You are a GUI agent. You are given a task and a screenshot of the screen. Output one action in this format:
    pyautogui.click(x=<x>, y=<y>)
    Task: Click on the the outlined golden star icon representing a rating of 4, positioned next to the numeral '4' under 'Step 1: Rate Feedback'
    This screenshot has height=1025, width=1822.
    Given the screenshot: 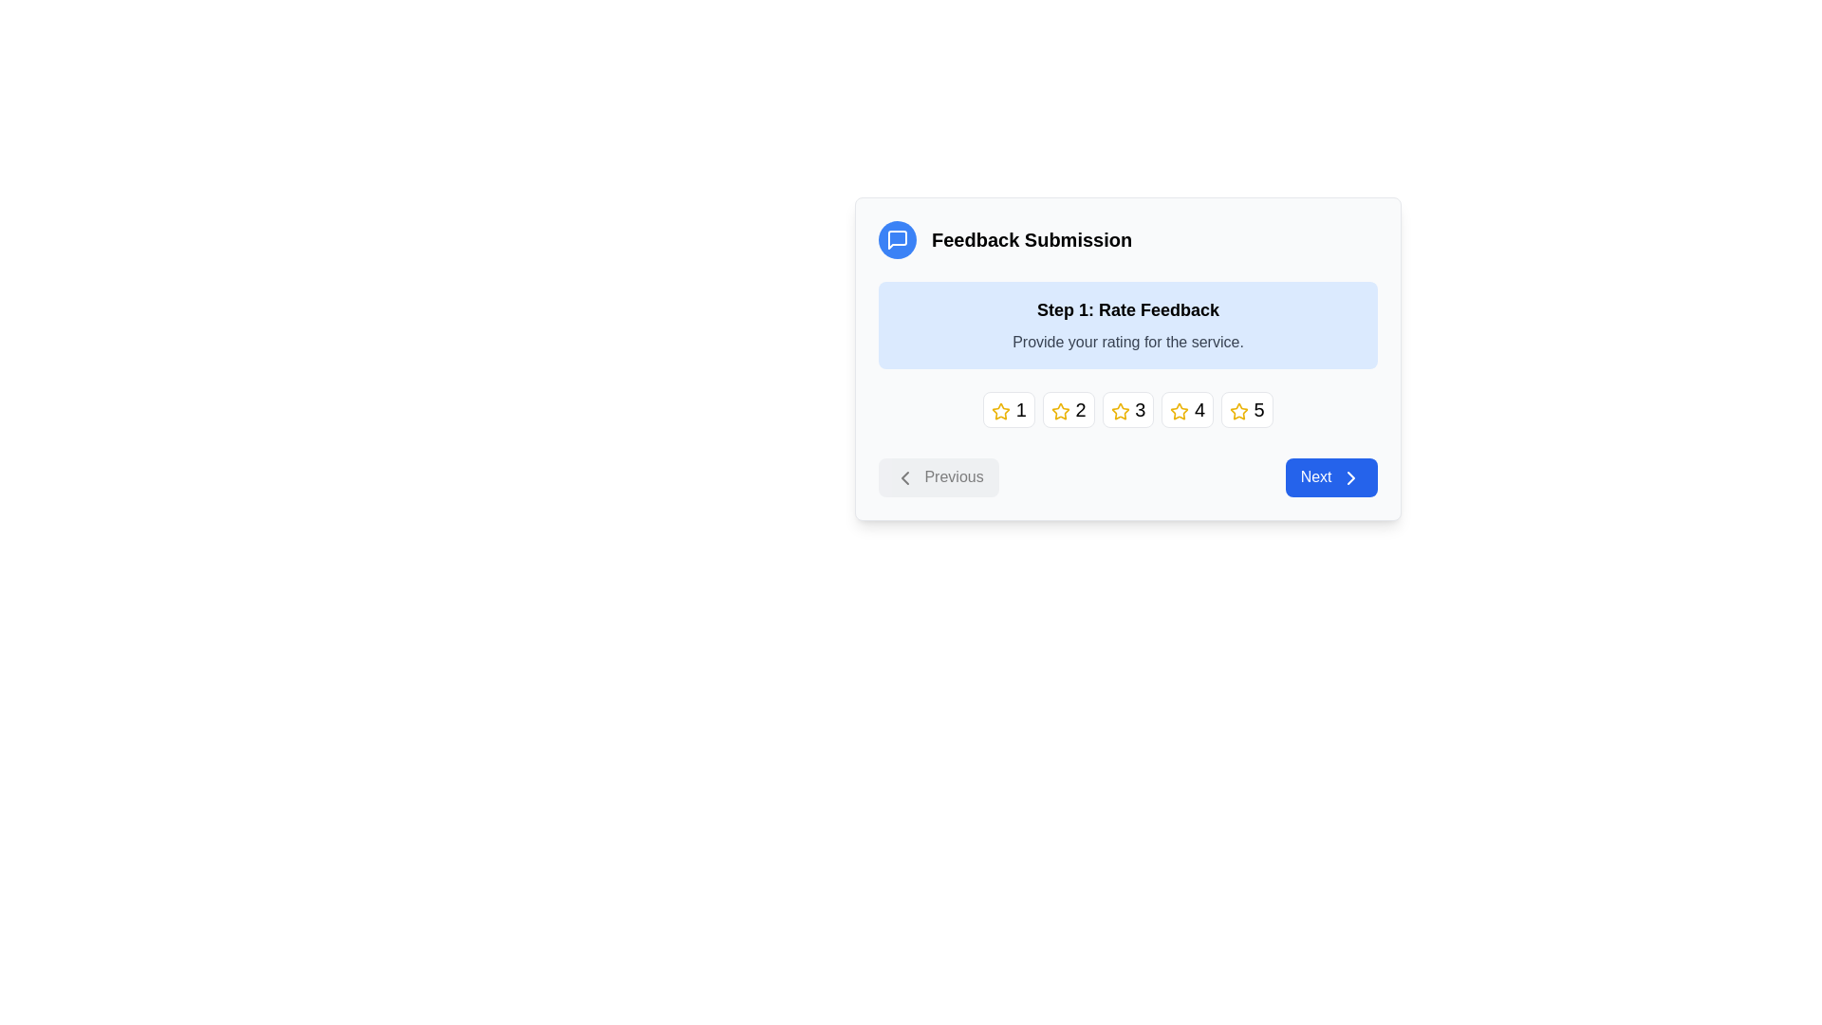 What is the action you would take?
    pyautogui.click(x=1179, y=410)
    